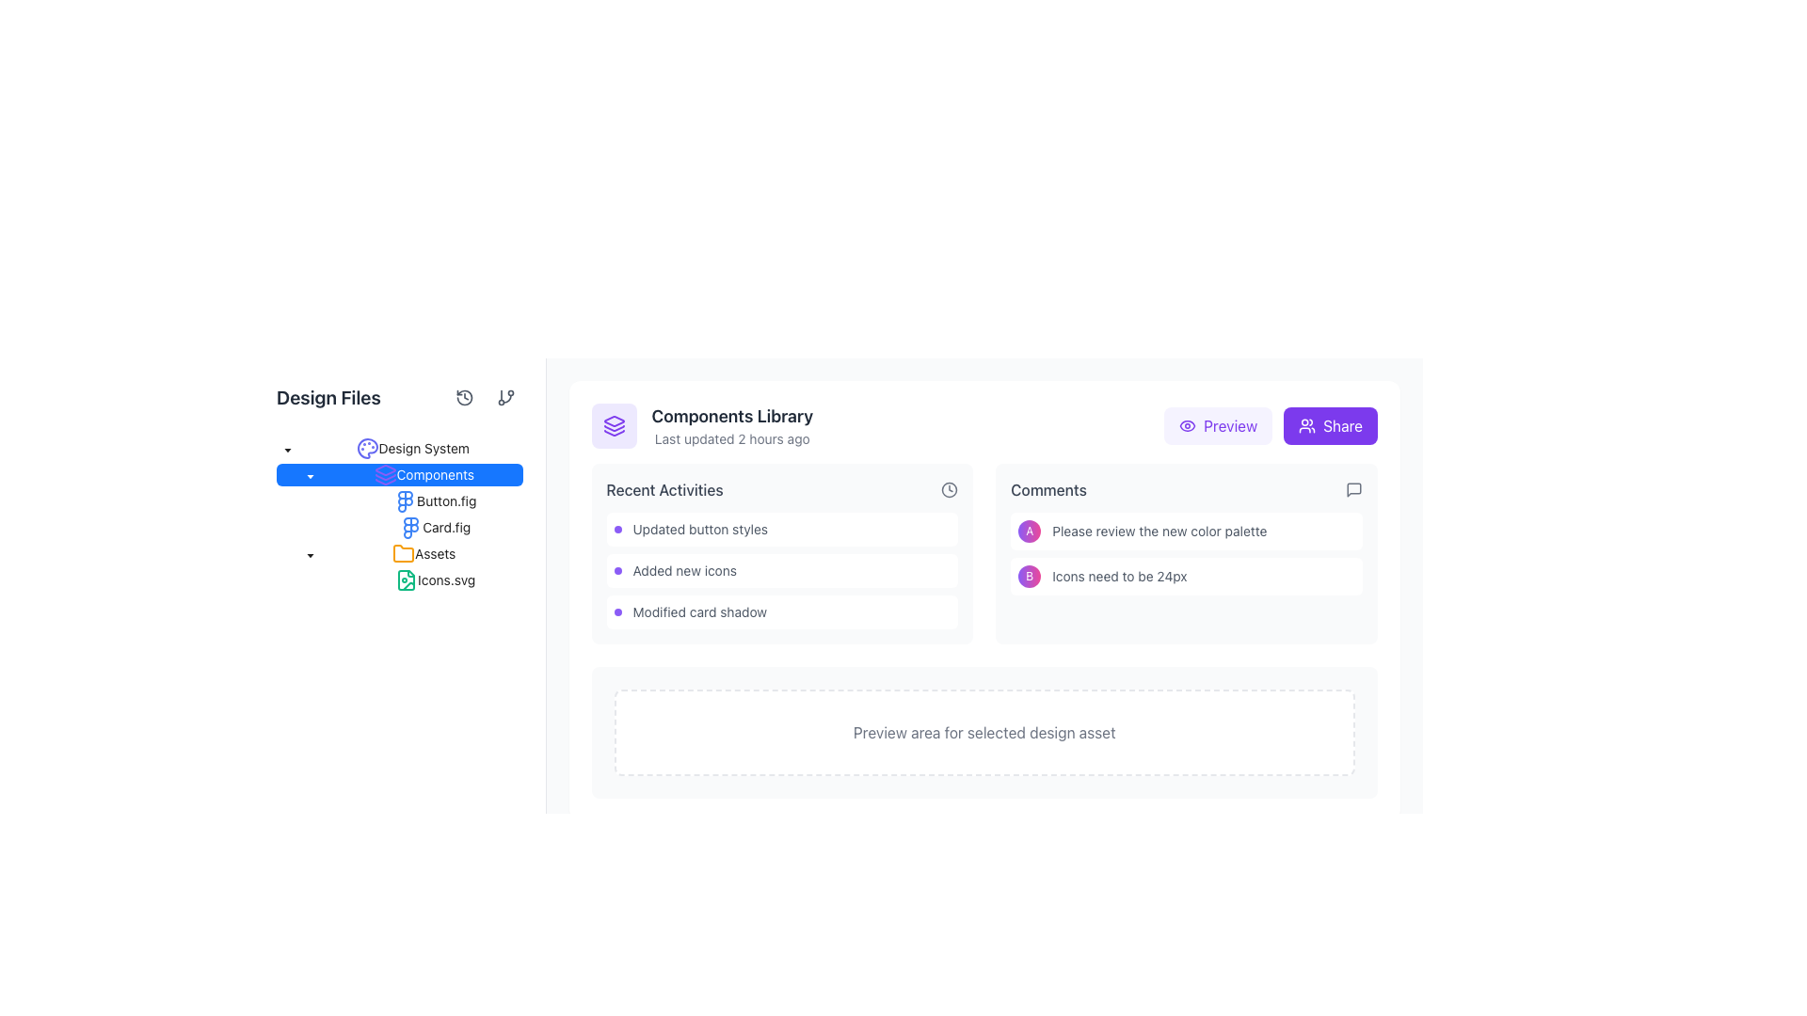  What do you see at coordinates (1029, 576) in the screenshot?
I see `the Avatar badge located in the Comments panel, which serves as an identifier for a user or topic` at bounding box center [1029, 576].